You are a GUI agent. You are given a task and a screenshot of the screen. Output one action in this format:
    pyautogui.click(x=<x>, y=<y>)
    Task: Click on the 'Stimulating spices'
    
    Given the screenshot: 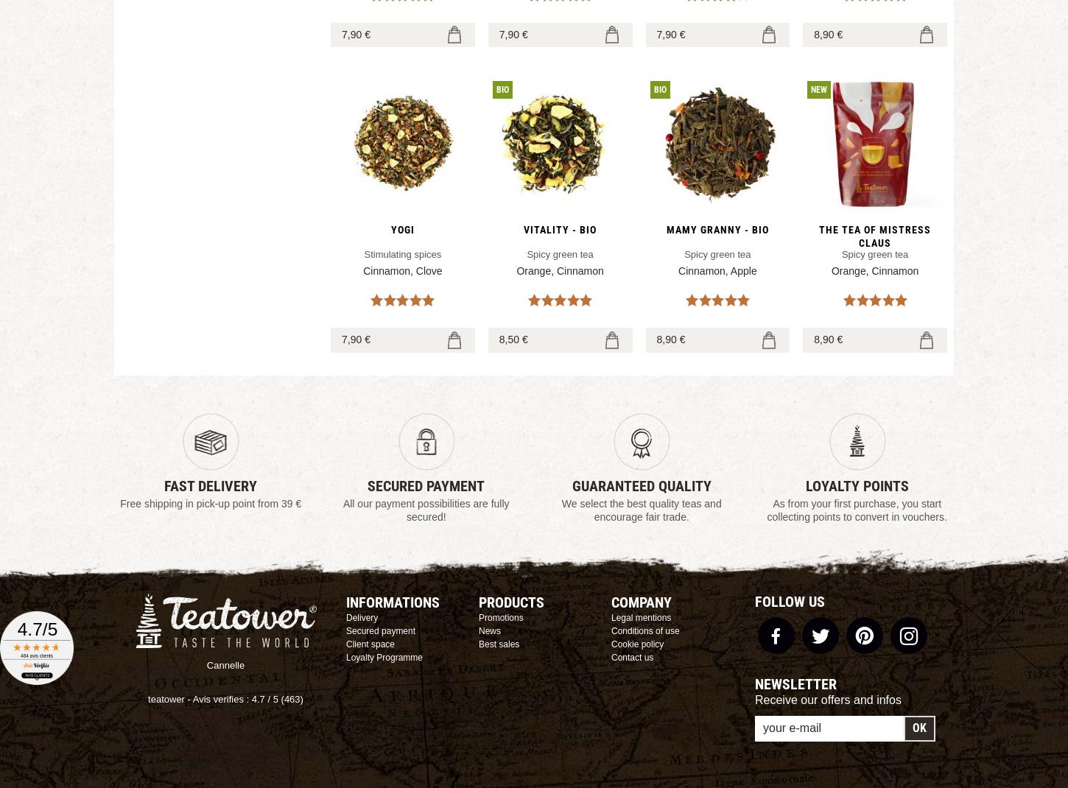 What is the action you would take?
    pyautogui.click(x=402, y=254)
    